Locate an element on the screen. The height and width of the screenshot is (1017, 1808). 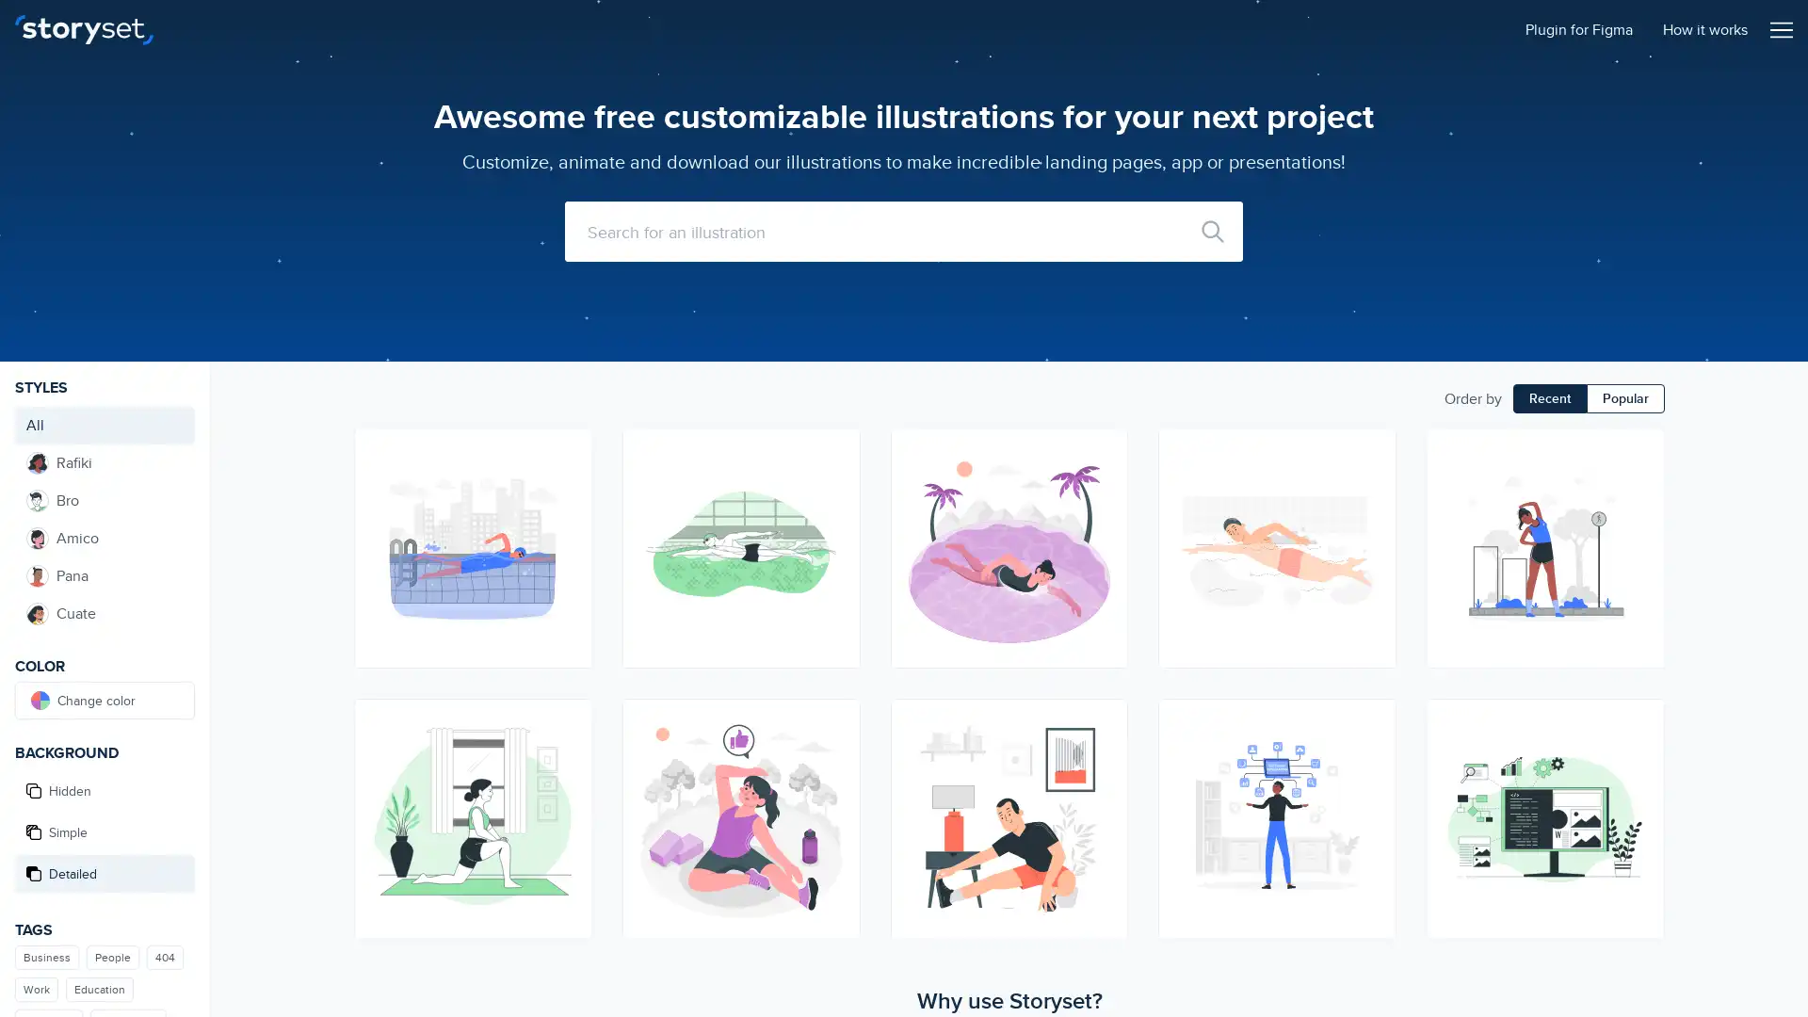
download icon Download is located at coordinates (1373, 485).